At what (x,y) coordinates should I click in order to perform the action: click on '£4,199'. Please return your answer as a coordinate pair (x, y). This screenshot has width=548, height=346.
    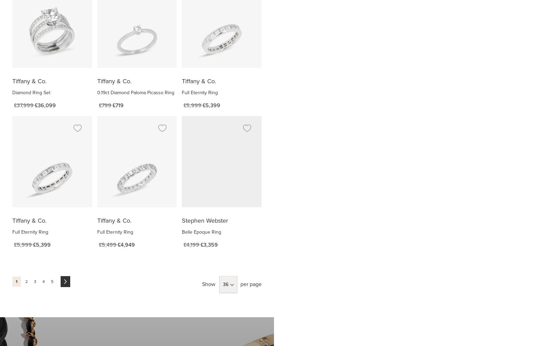
    Looking at the image, I should click on (191, 244).